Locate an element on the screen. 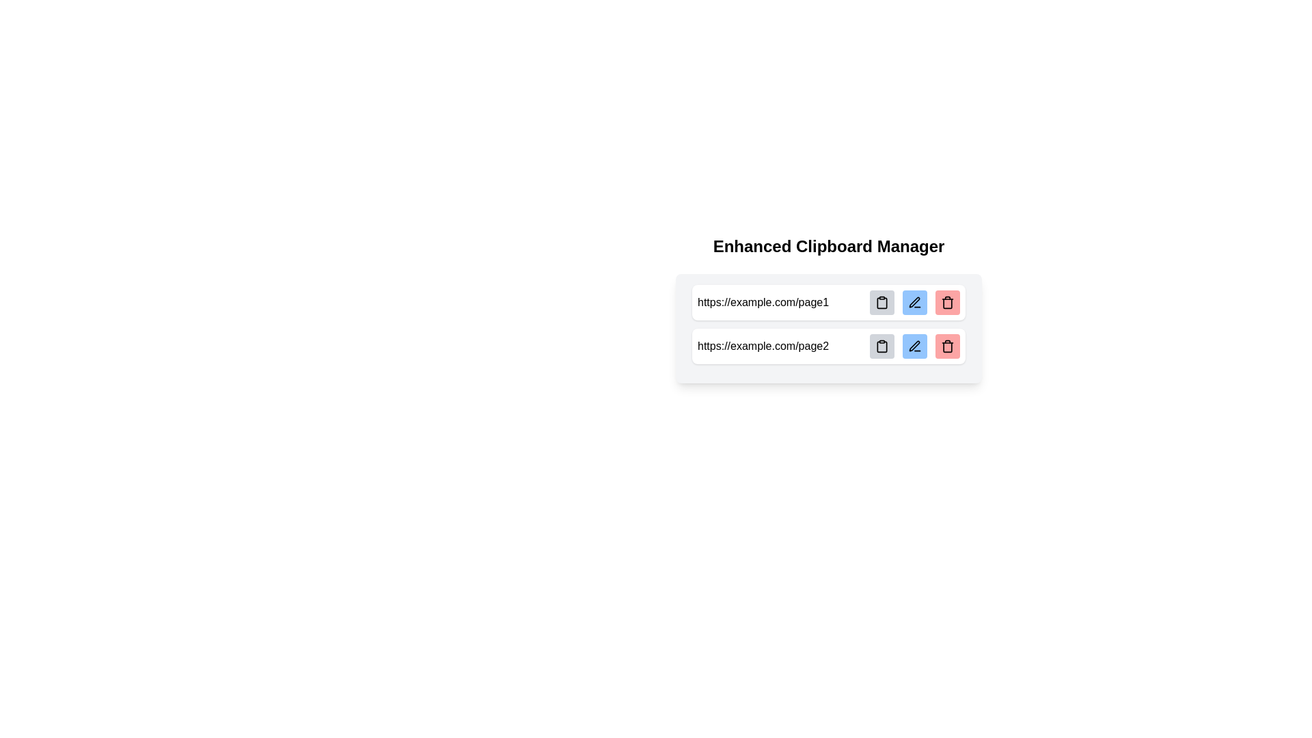  the first List Item Row, which contains the URL 'https://example.com/page1' is located at coordinates (828, 302).